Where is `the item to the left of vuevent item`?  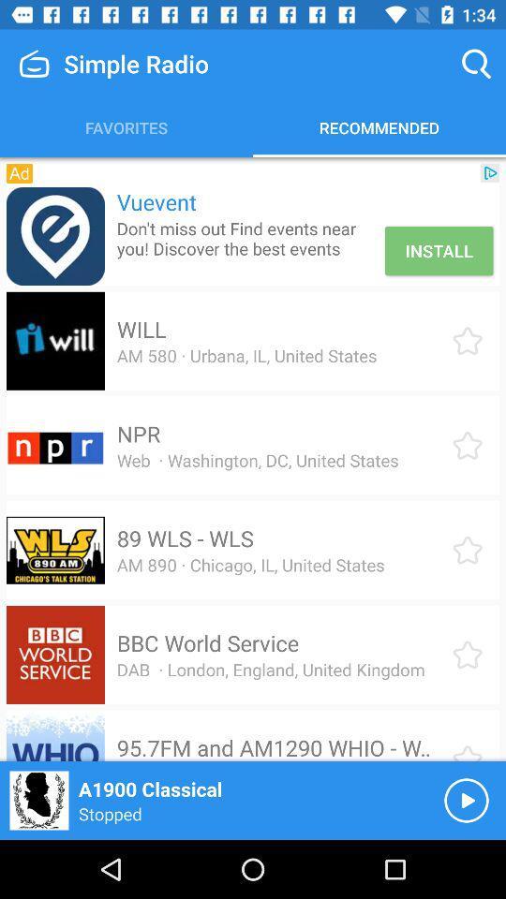
the item to the left of vuevent item is located at coordinates (55, 235).